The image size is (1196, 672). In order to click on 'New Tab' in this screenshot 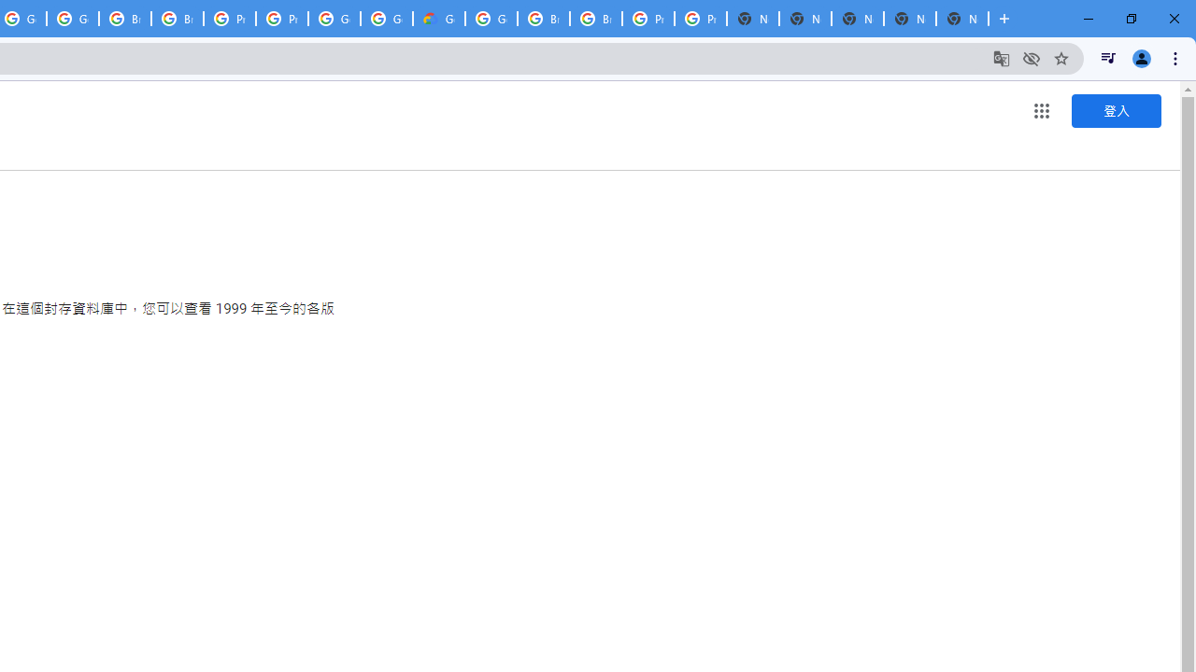, I will do `click(962, 19)`.